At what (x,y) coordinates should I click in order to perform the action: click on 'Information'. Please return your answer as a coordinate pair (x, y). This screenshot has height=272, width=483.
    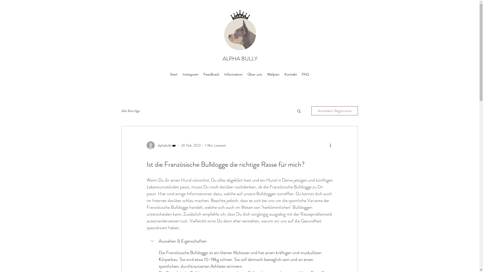
    Looking at the image, I should click on (222, 74).